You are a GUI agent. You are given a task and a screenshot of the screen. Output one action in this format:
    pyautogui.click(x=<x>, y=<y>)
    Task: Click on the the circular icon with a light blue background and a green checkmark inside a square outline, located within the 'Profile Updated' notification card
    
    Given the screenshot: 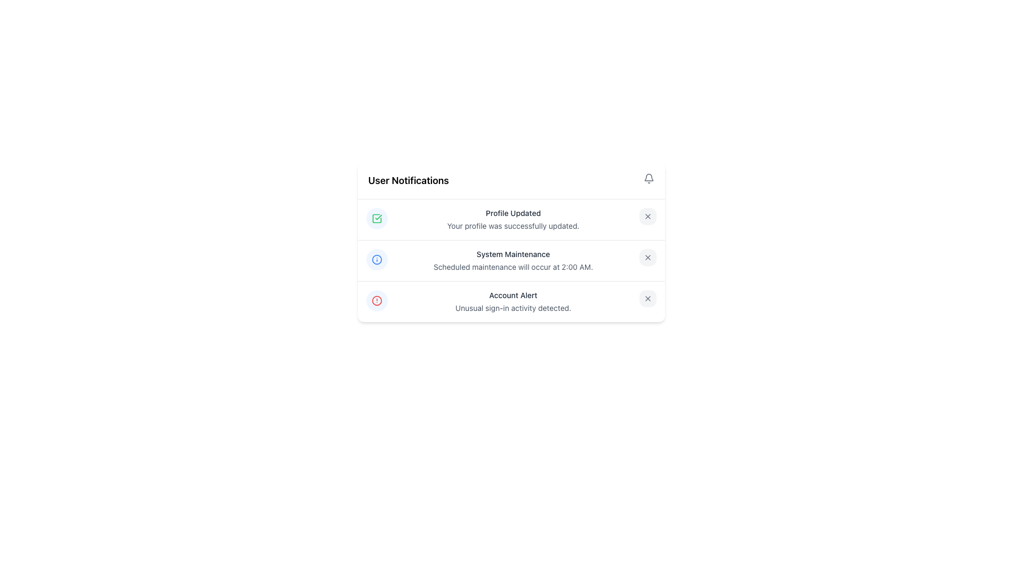 What is the action you would take?
    pyautogui.click(x=377, y=218)
    